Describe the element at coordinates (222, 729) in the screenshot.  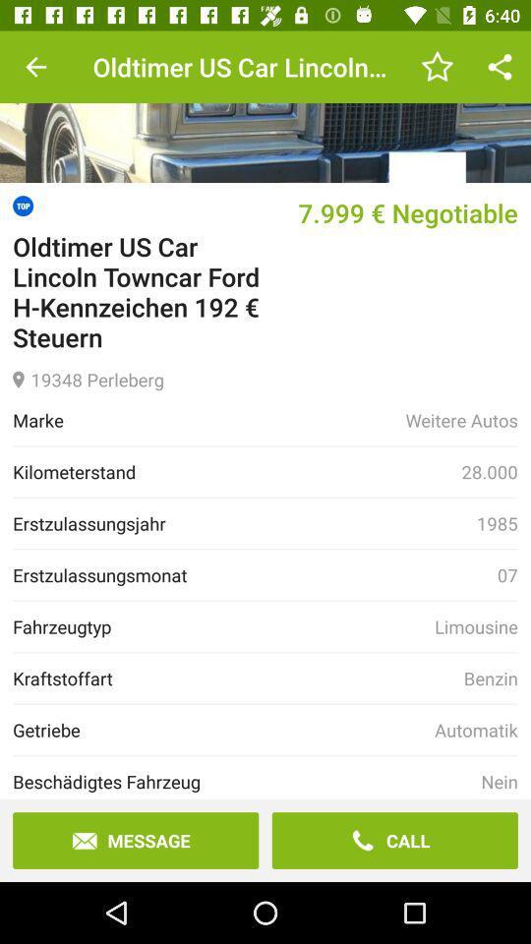
I see `the item next to automatik icon` at that location.